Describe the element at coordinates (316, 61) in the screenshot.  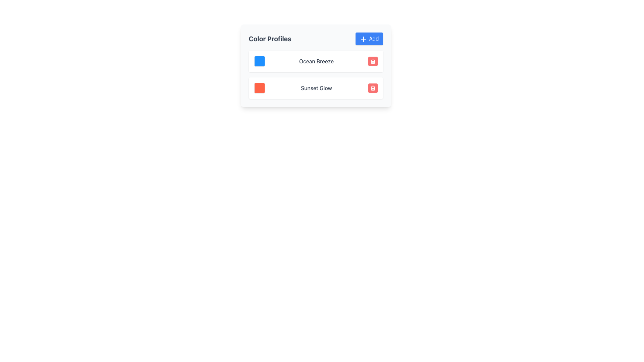
I see `the text label displaying 'Ocean Breeze'` at that location.